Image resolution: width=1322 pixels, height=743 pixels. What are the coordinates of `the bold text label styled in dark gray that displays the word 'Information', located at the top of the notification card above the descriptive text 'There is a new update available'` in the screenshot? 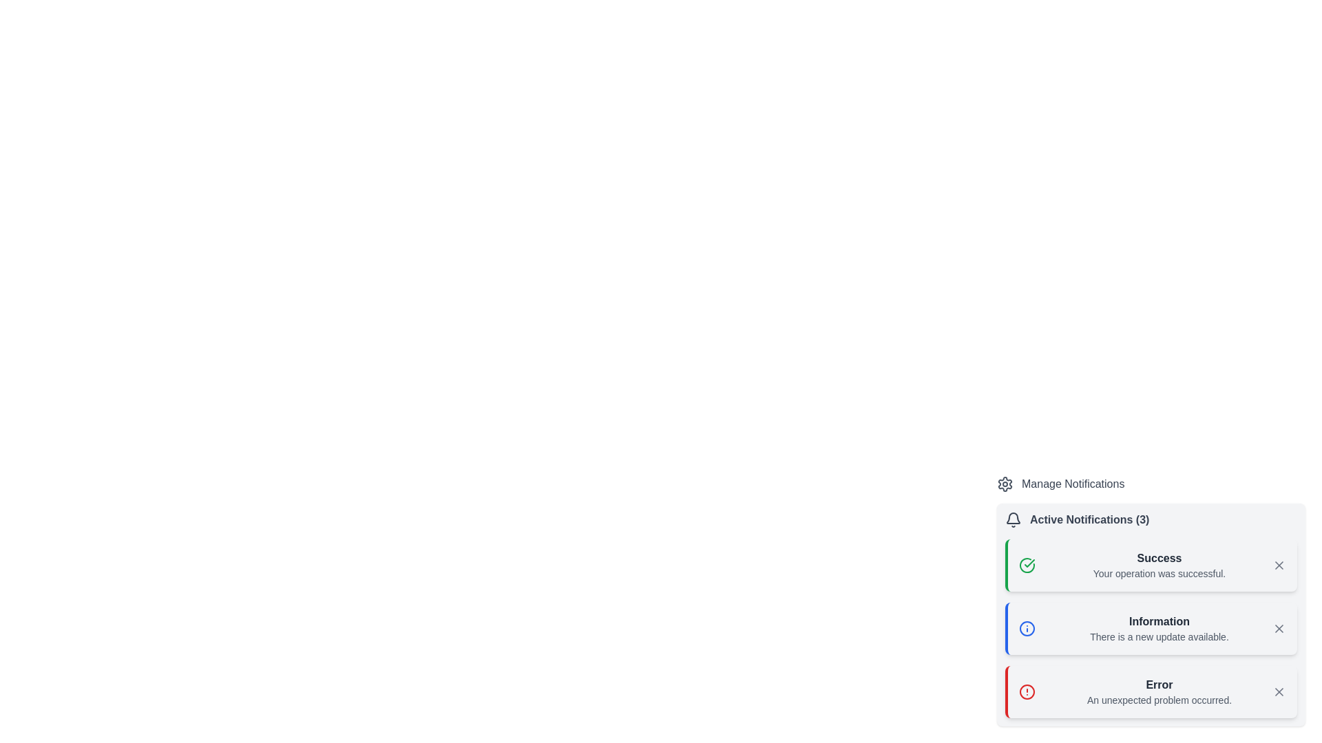 It's located at (1159, 621).